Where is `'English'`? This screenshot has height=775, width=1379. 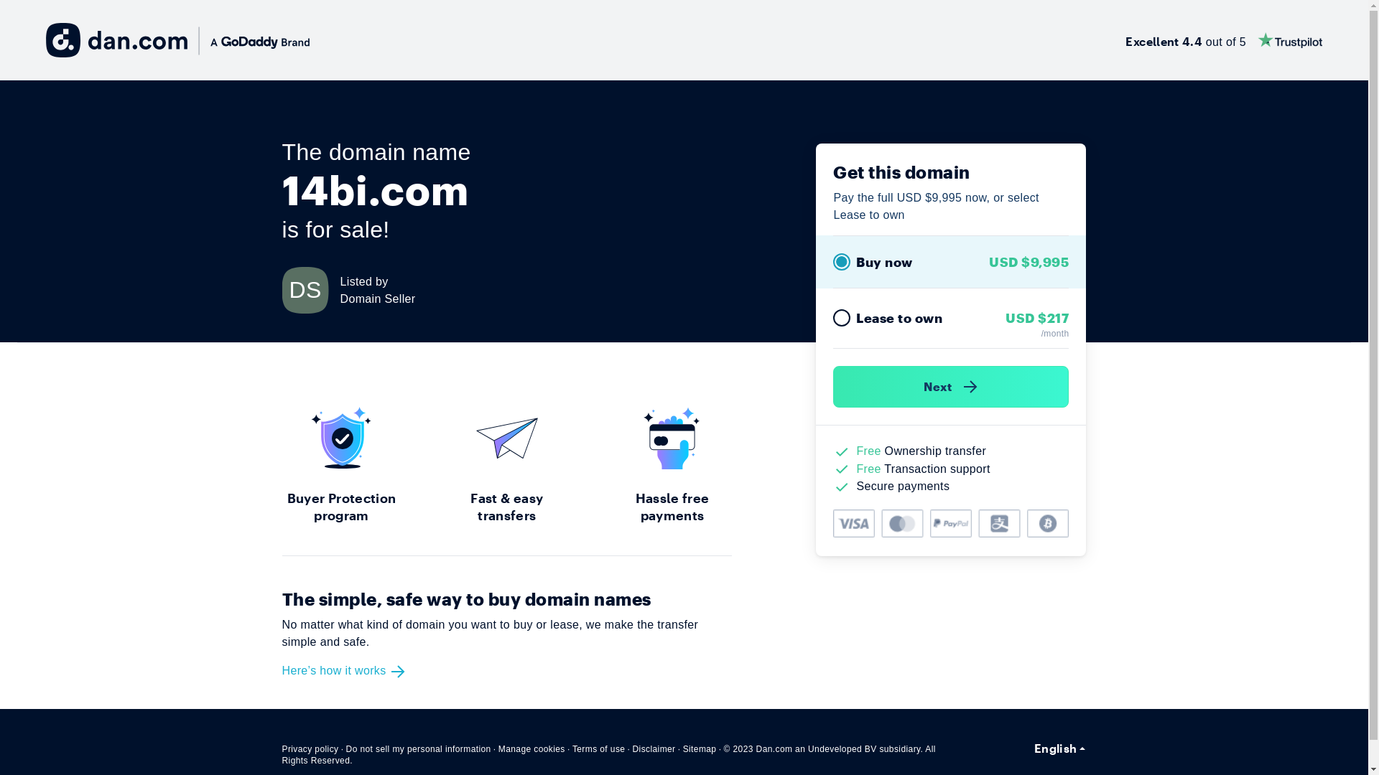 'English' is located at coordinates (1060, 747).